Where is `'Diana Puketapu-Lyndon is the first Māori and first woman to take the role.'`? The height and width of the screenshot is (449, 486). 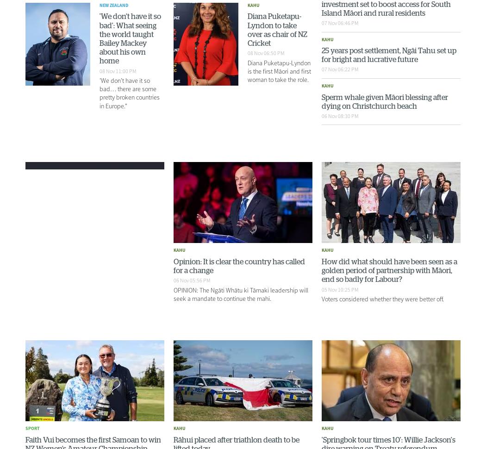
'Diana Puketapu-Lyndon is the first Māori and first woman to take the role.' is located at coordinates (247, 70).